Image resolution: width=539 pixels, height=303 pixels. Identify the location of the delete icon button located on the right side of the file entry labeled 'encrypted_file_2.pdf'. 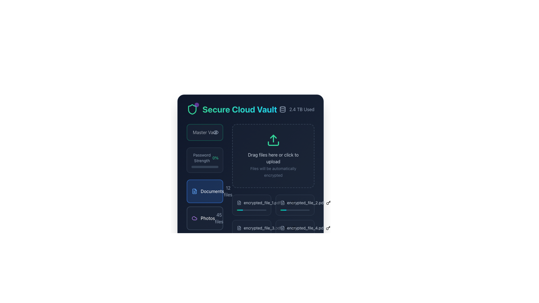
(293, 203).